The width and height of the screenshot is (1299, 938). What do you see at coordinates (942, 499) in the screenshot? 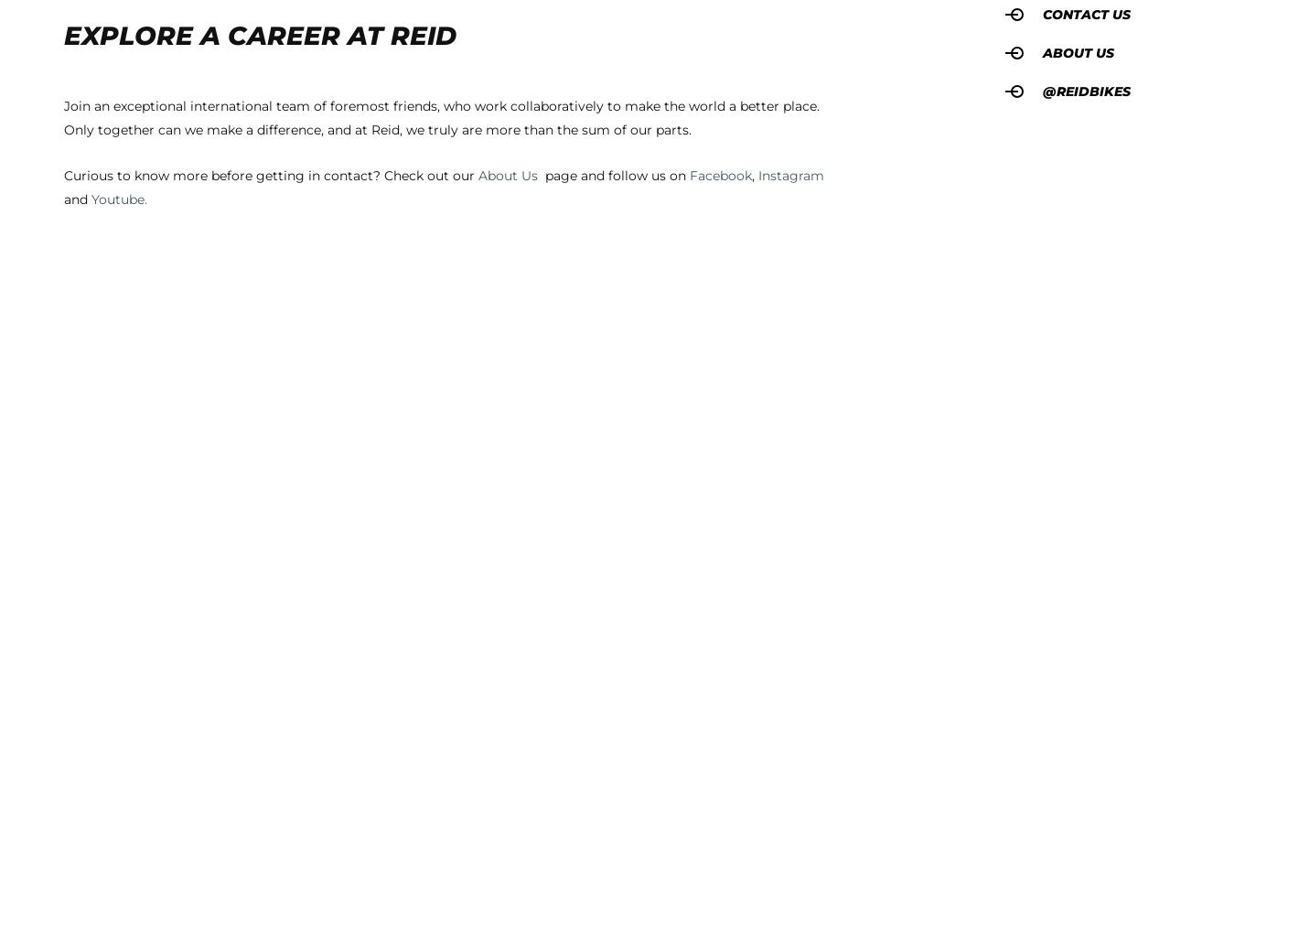
I see `'Custom and Promotional Bikes'` at bounding box center [942, 499].